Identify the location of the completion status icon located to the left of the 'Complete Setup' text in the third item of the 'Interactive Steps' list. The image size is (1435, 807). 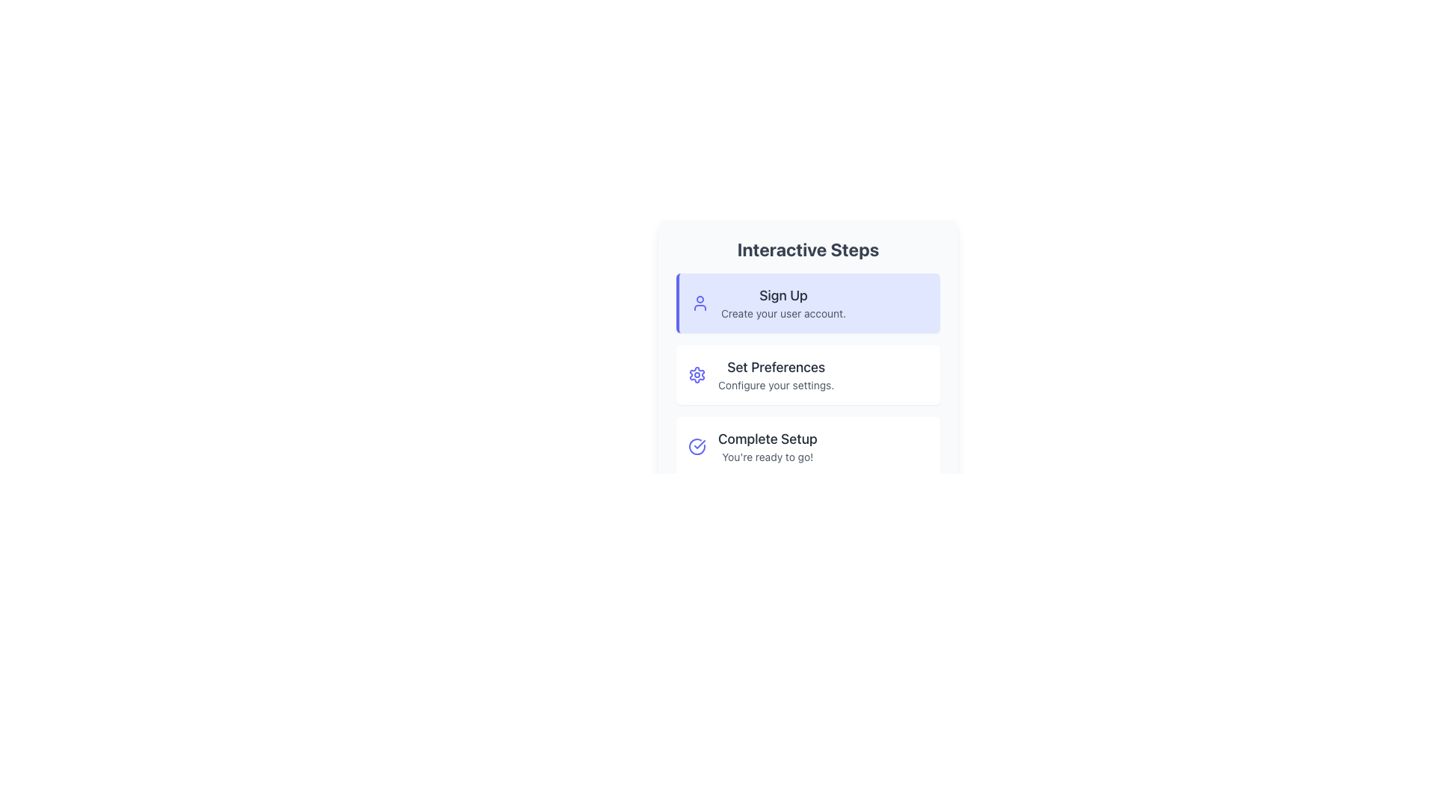
(696, 445).